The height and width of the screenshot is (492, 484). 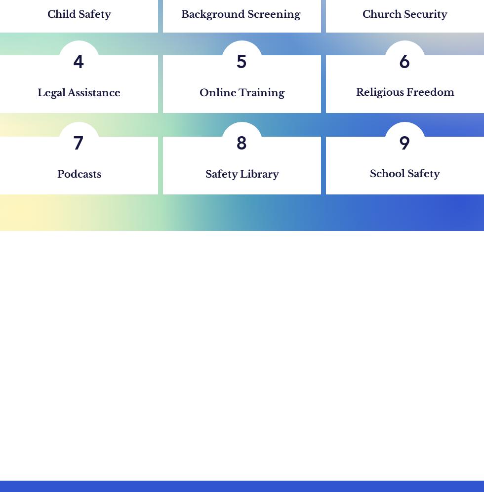 What do you see at coordinates (79, 142) in the screenshot?
I see `'7'` at bounding box center [79, 142].